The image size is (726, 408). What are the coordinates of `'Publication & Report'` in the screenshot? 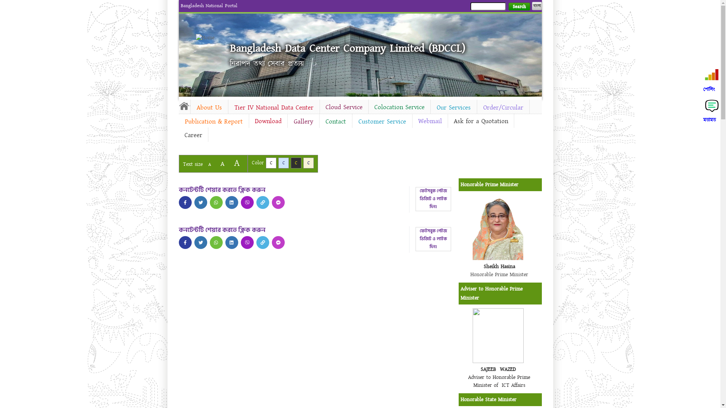 It's located at (213, 121).